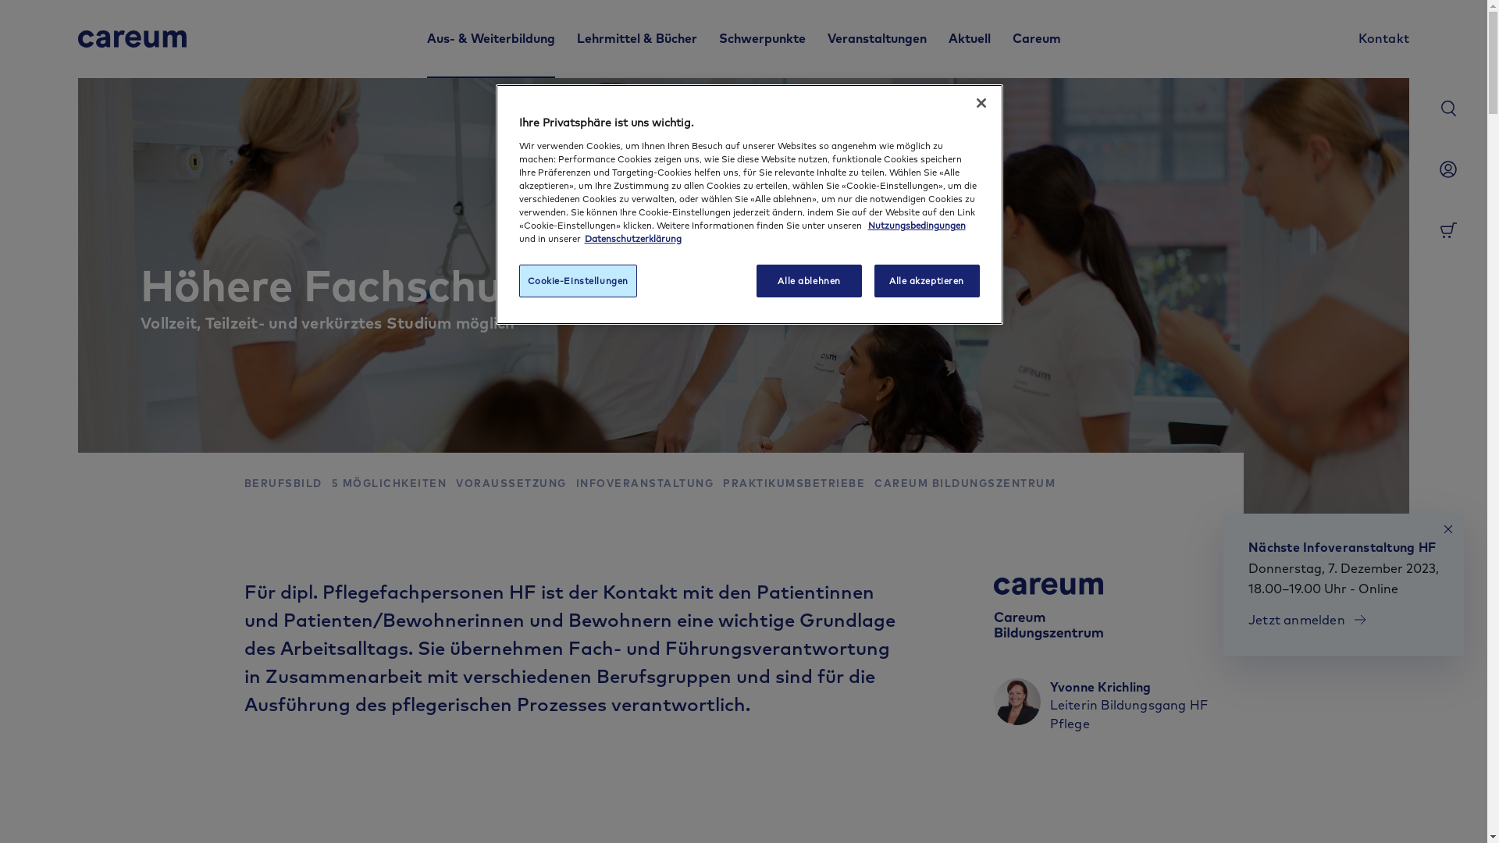 Image resolution: width=1499 pixels, height=843 pixels. I want to click on 'Alle akzeptieren', so click(873, 279).